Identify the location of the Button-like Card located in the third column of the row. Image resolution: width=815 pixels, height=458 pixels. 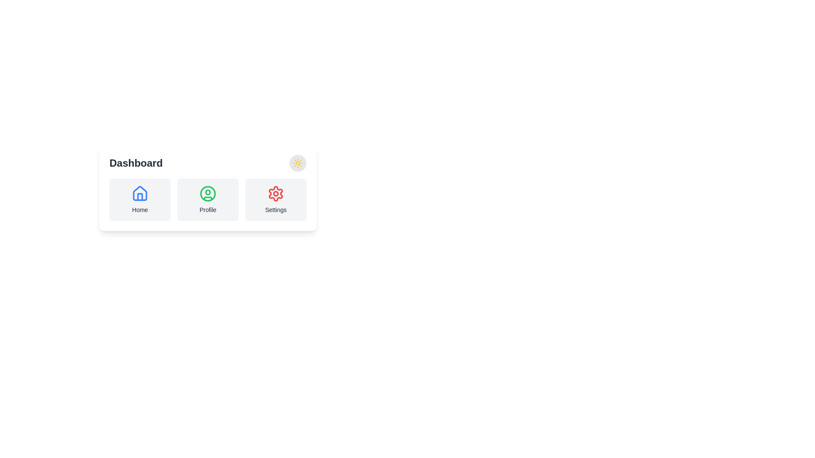
(275, 199).